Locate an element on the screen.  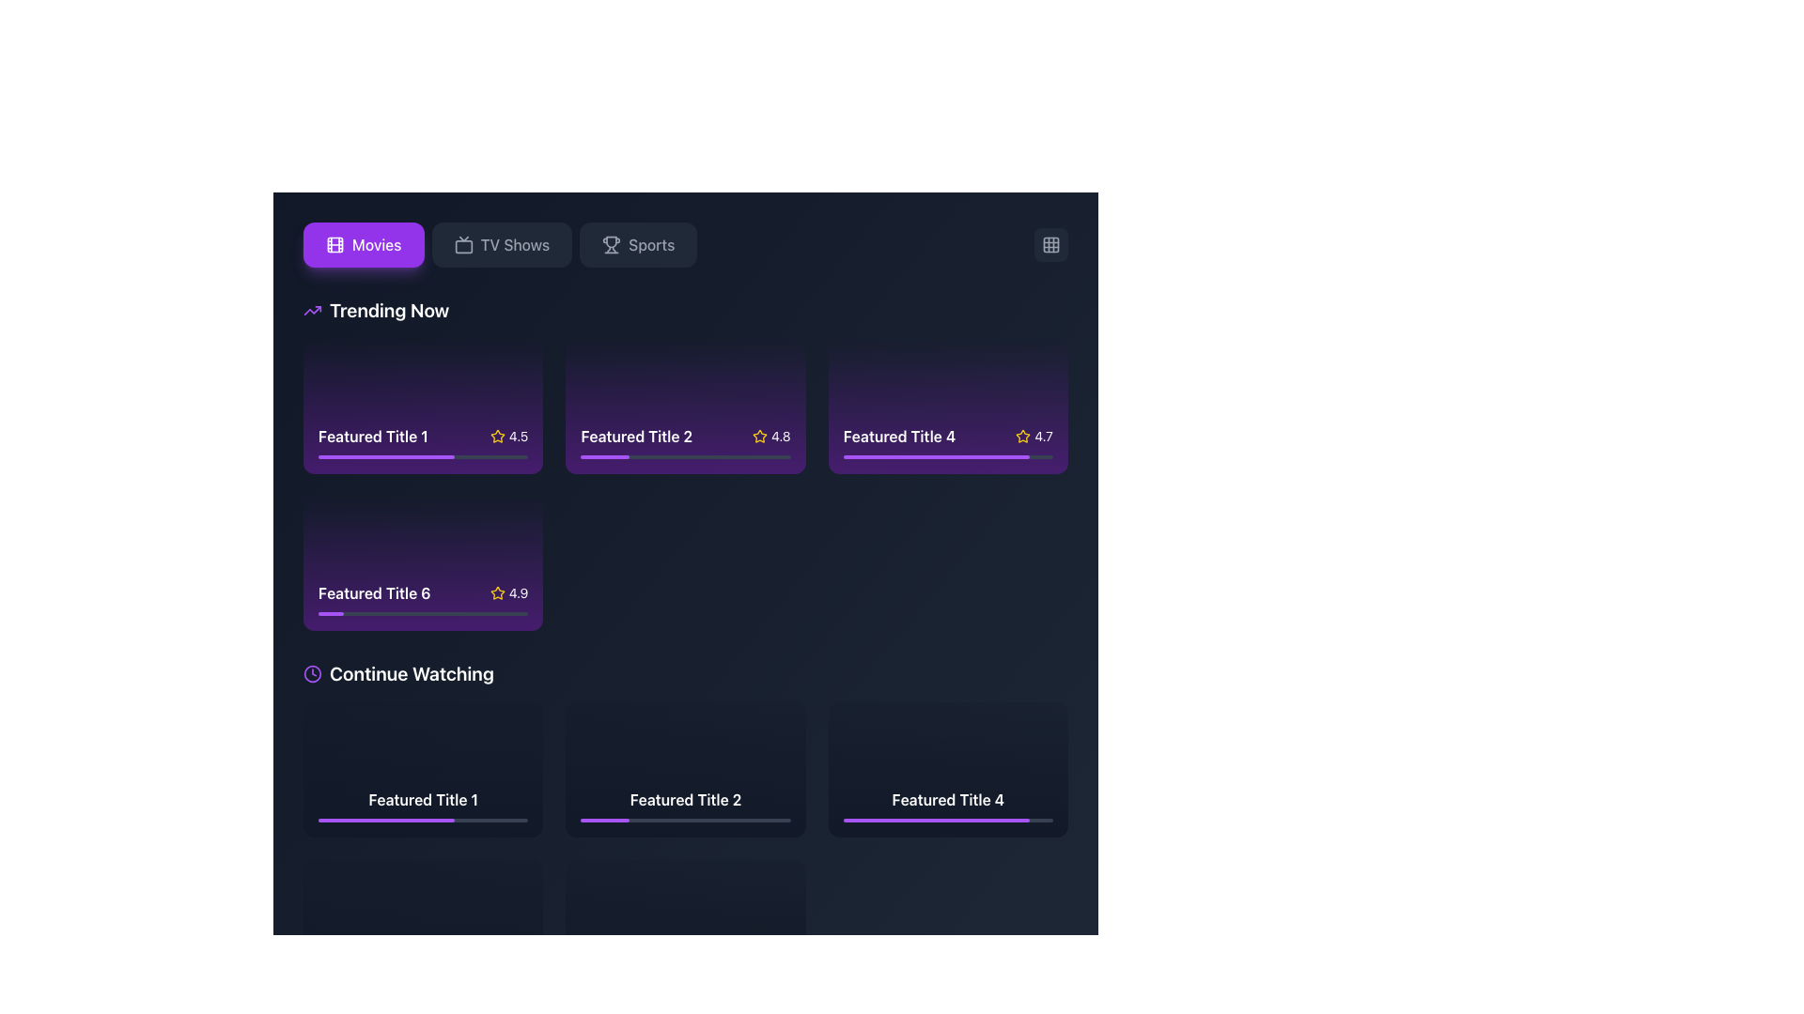
the 'Sports' navigation button located at the far right of the button row to trigger its hover state effect is located at coordinates (638, 244).